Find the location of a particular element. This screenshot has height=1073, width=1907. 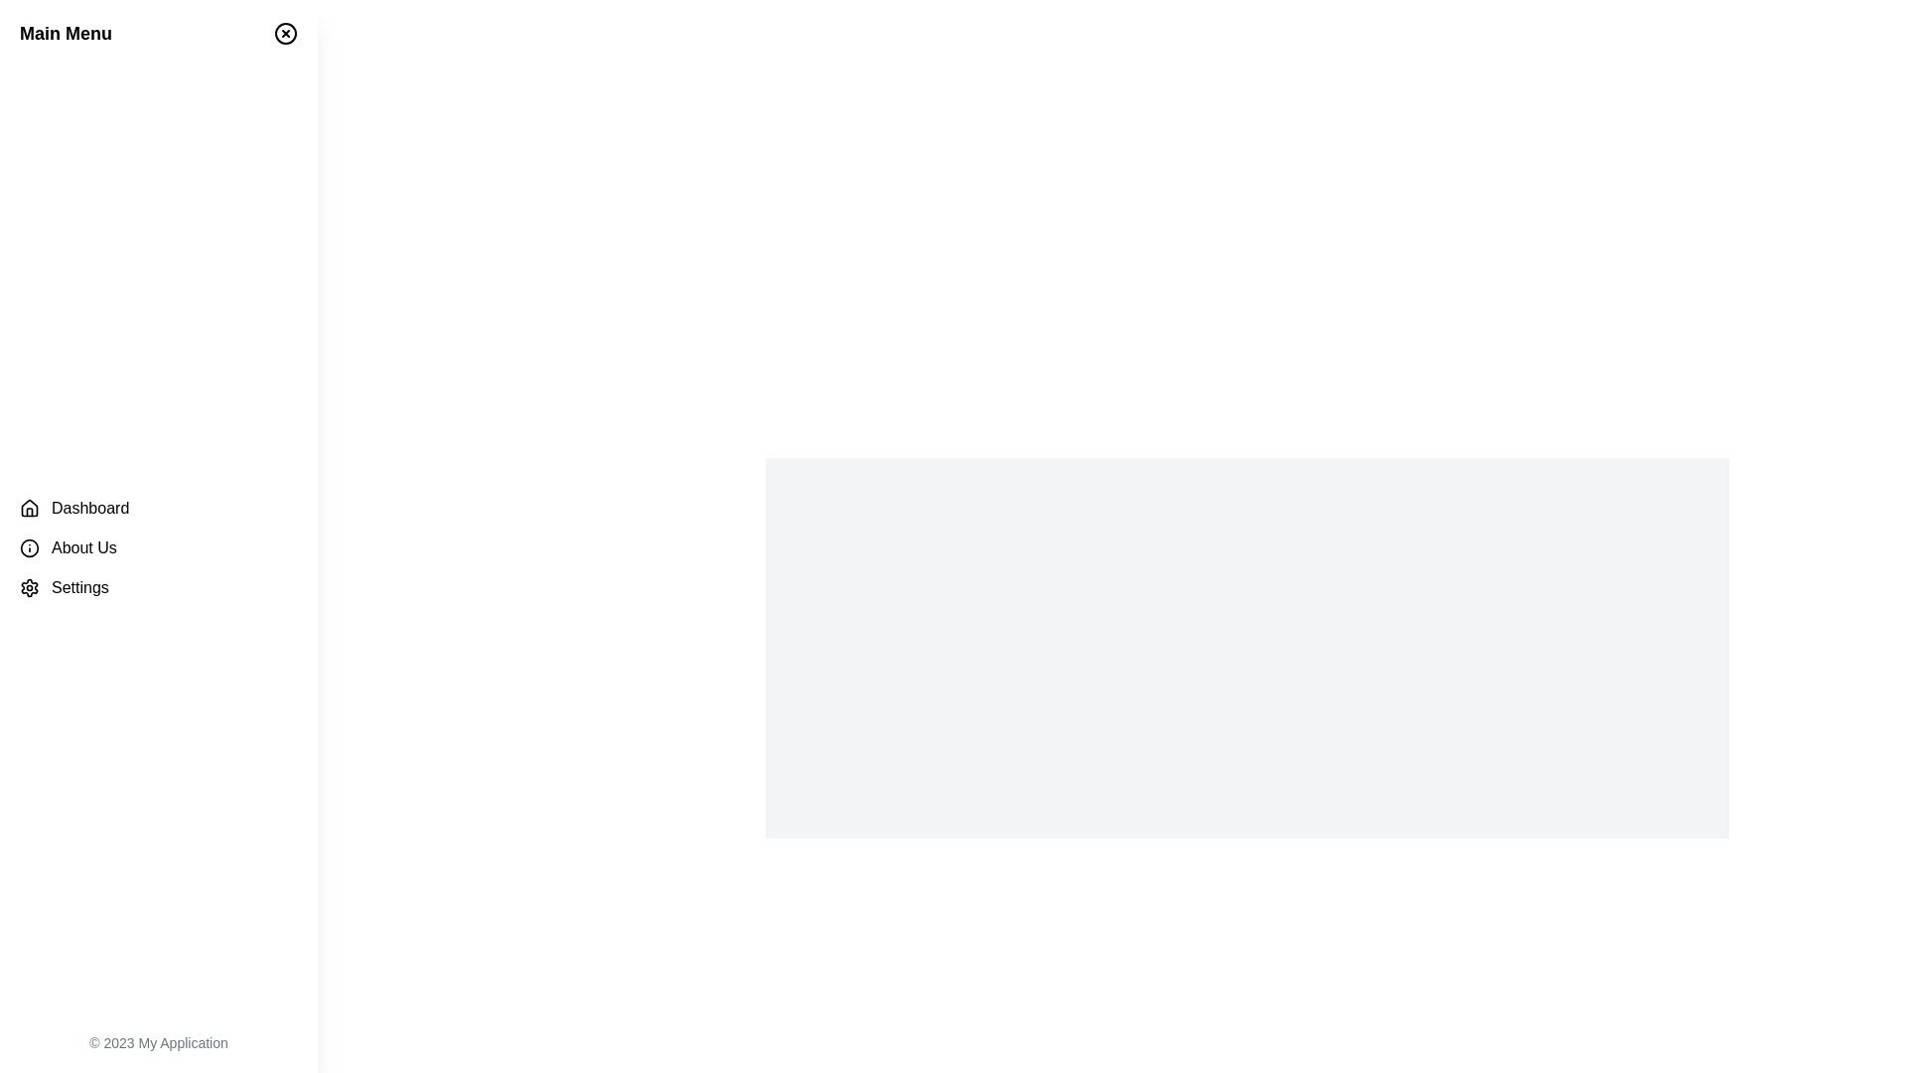

the second navigation link in the vertical navigation bar is located at coordinates (157, 547).